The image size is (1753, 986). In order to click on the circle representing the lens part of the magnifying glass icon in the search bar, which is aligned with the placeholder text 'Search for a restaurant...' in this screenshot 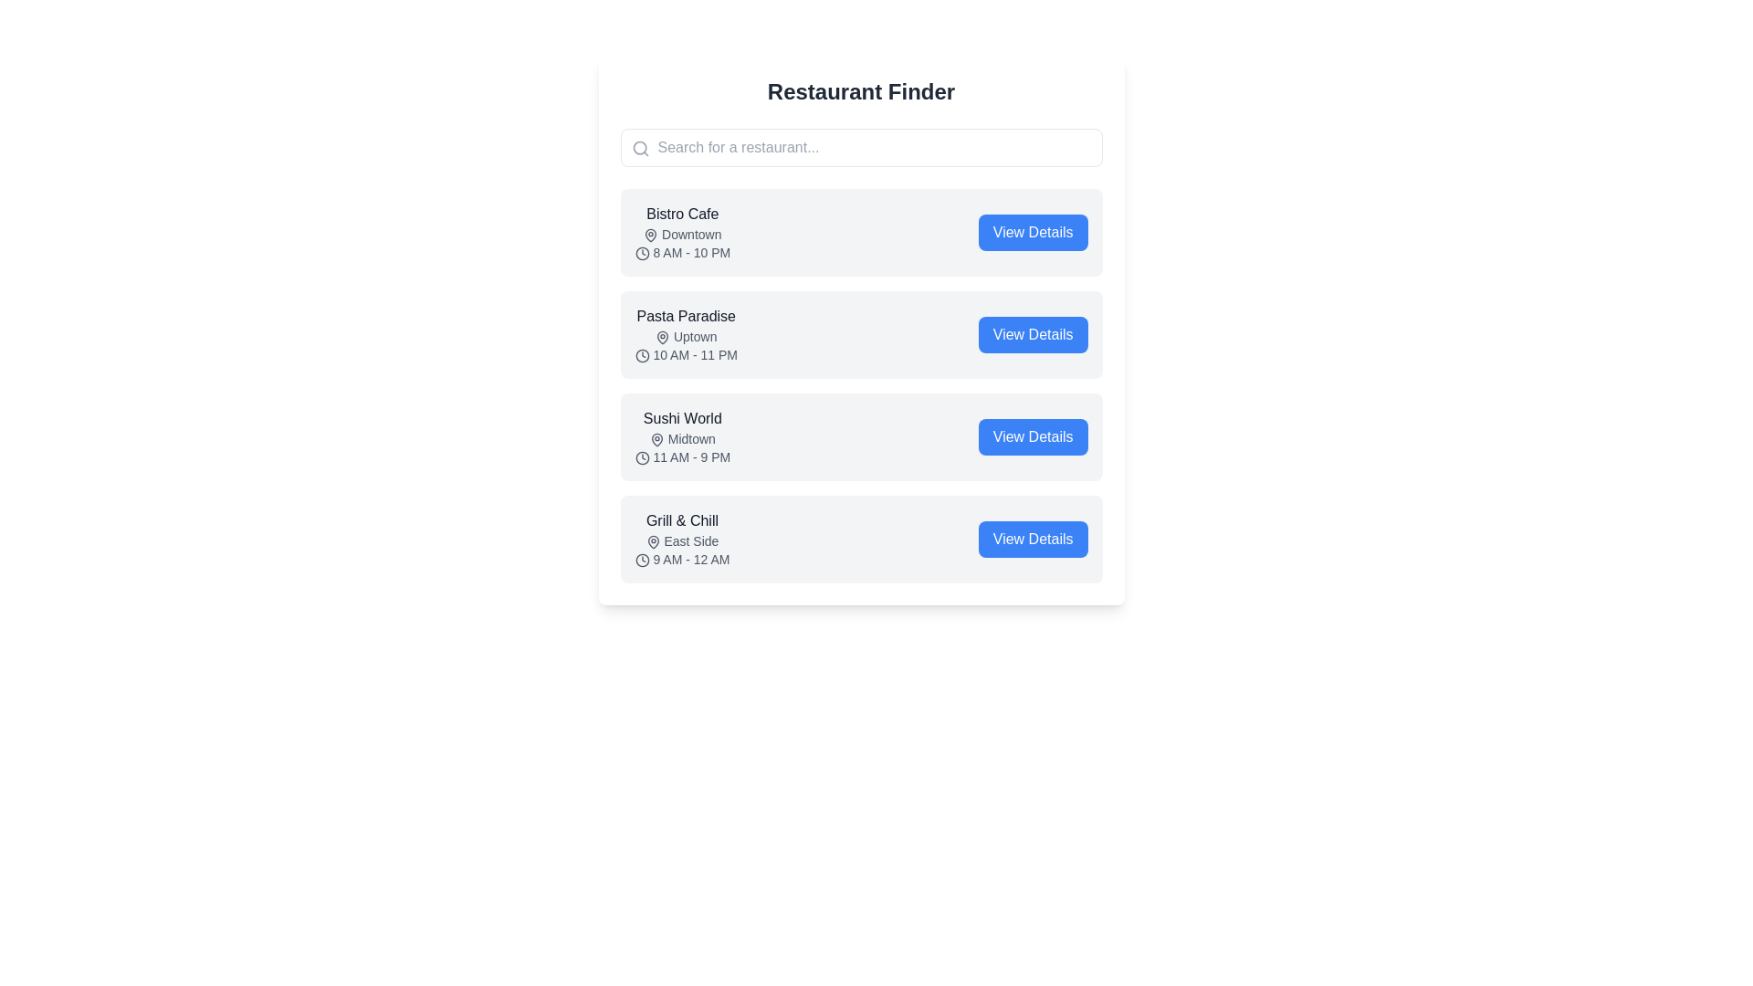, I will do `click(639, 147)`.